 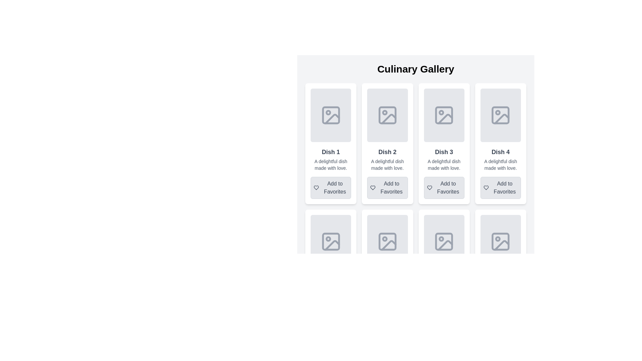 What do you see at coordinates (444, 165) in the screenshot?
I see `the Text Label that provides a description for 'Dish 3', located in the top row of the grid under 'Culinary Gallery'` at bounding box center [444, 165].